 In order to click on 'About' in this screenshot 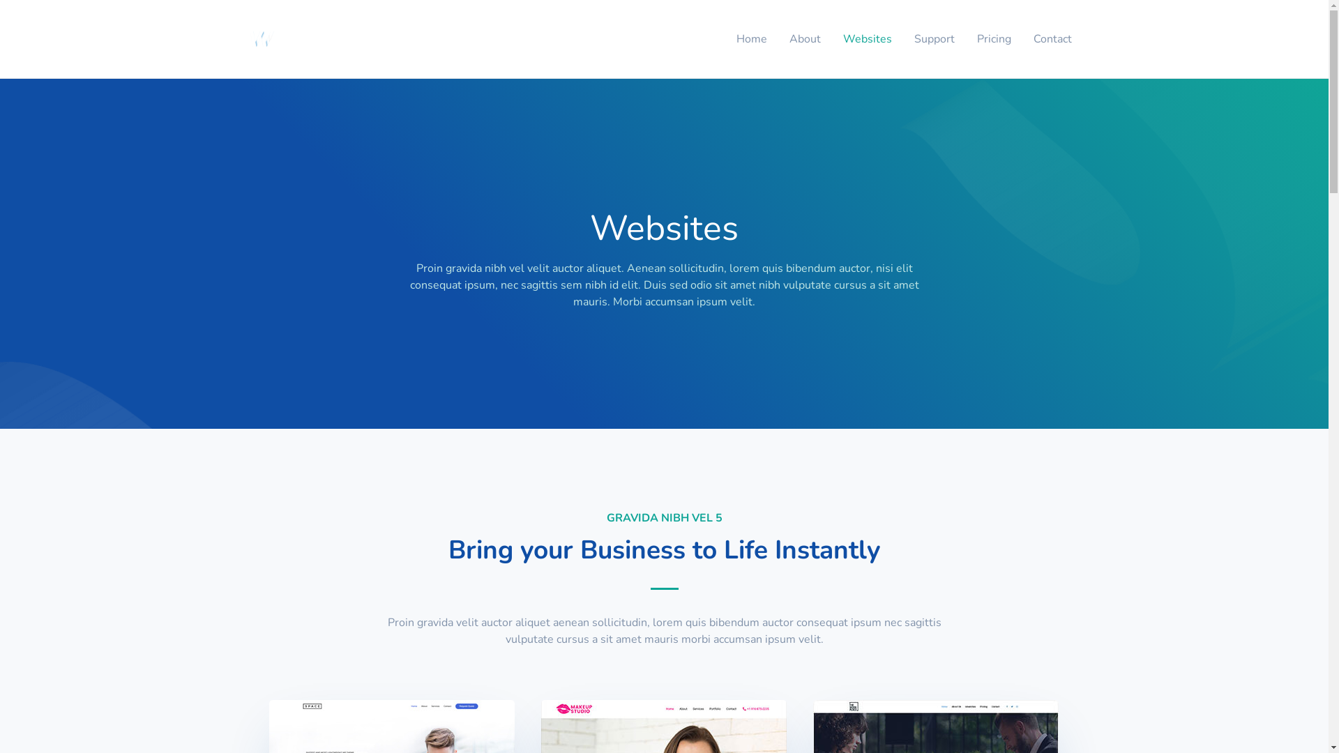, I will do `click(805, 38)`.